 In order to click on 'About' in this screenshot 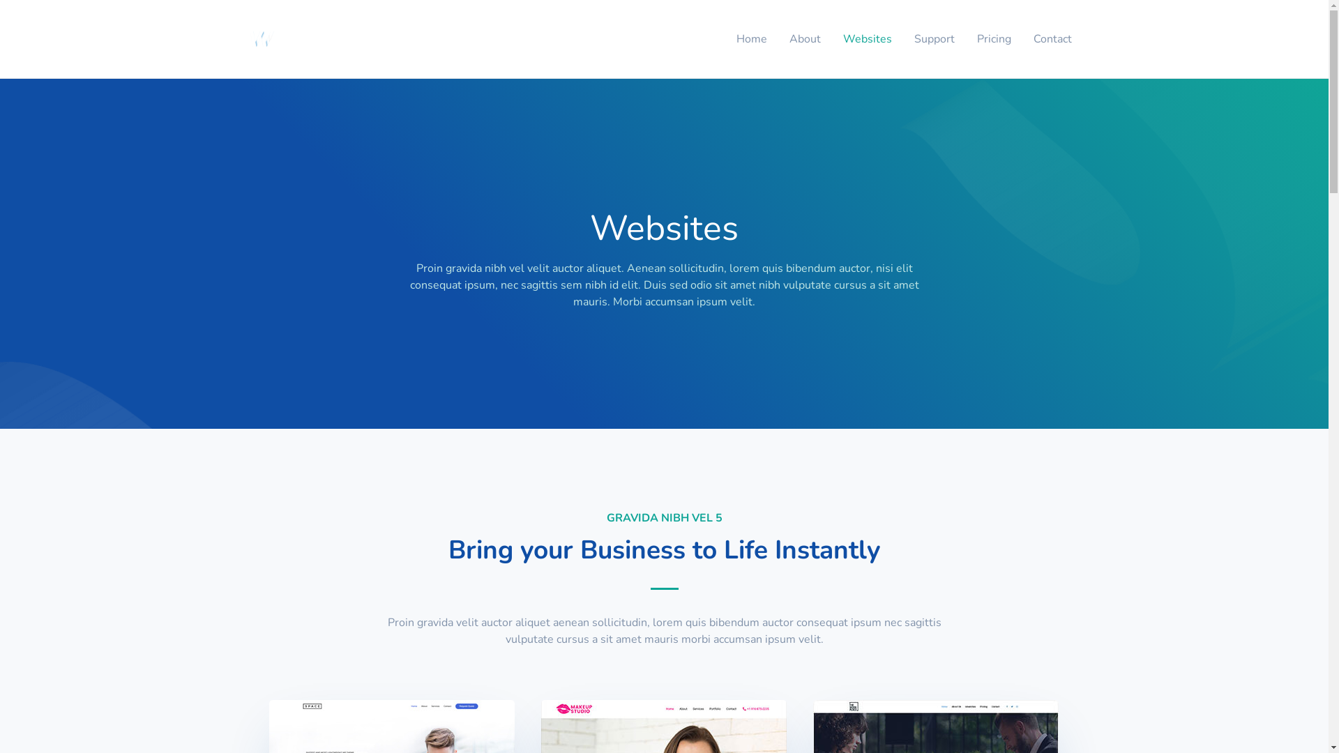, I will do `click(805, 38)`.